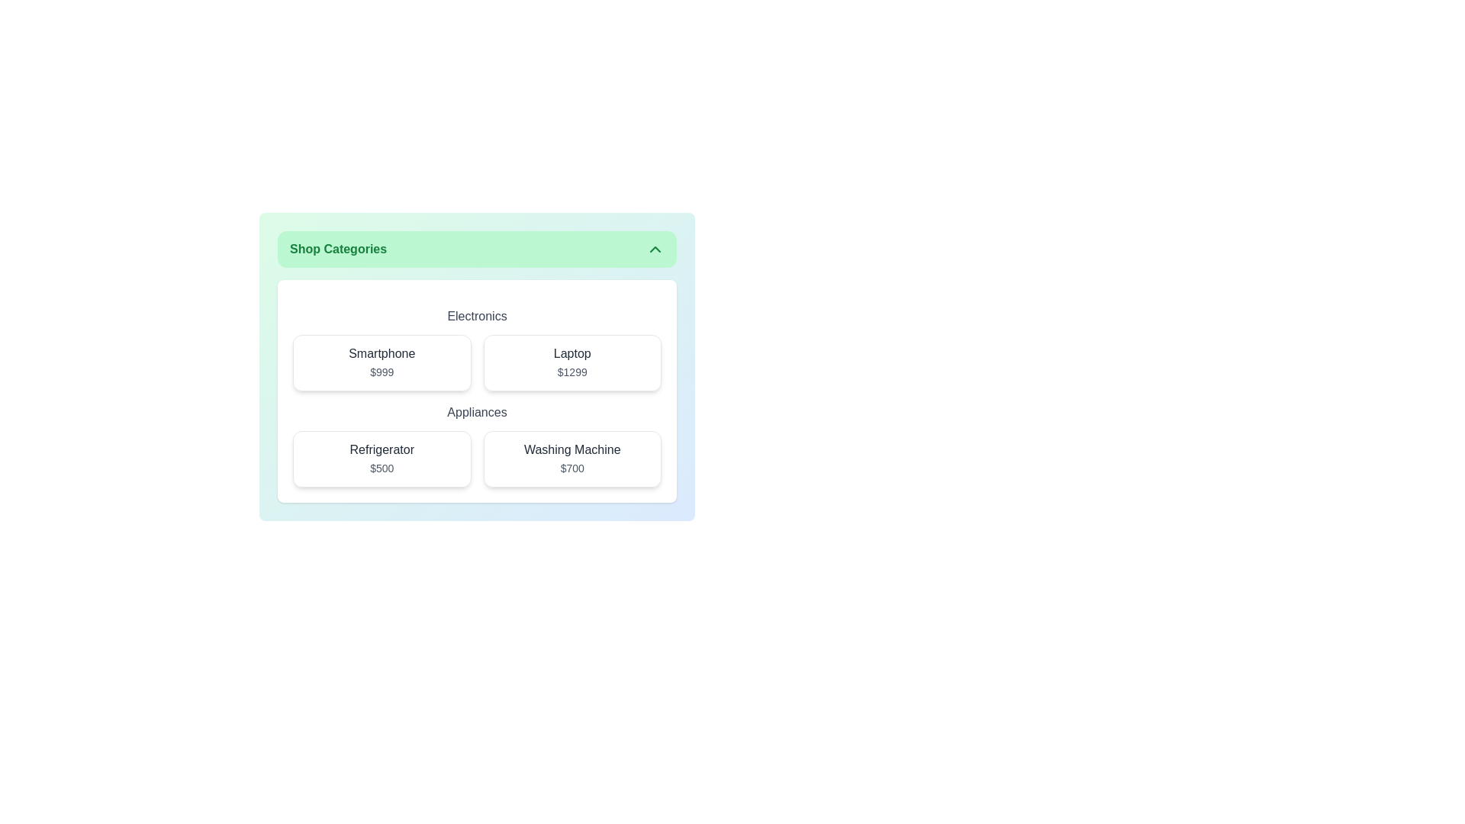  I want to click on the static text label that serves as a category header for the electronics section, positioned above the items labeled 'Smartphone' and 'Laptop', so click(476, 316).